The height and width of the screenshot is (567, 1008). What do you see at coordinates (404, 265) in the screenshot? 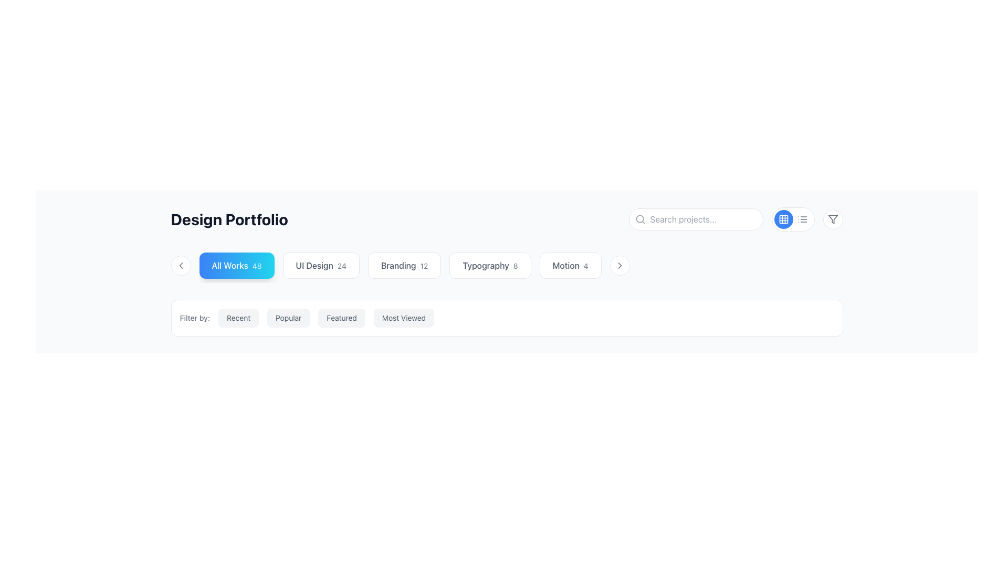
I see `the 'Branding' button, which is a rectangular button with softly rounded corners, displaying the text 'Branding' in a medium-weight font and lighter '12' in a smaller semi-transparent style, to filter by Branding` at bounding box center [404, 265].